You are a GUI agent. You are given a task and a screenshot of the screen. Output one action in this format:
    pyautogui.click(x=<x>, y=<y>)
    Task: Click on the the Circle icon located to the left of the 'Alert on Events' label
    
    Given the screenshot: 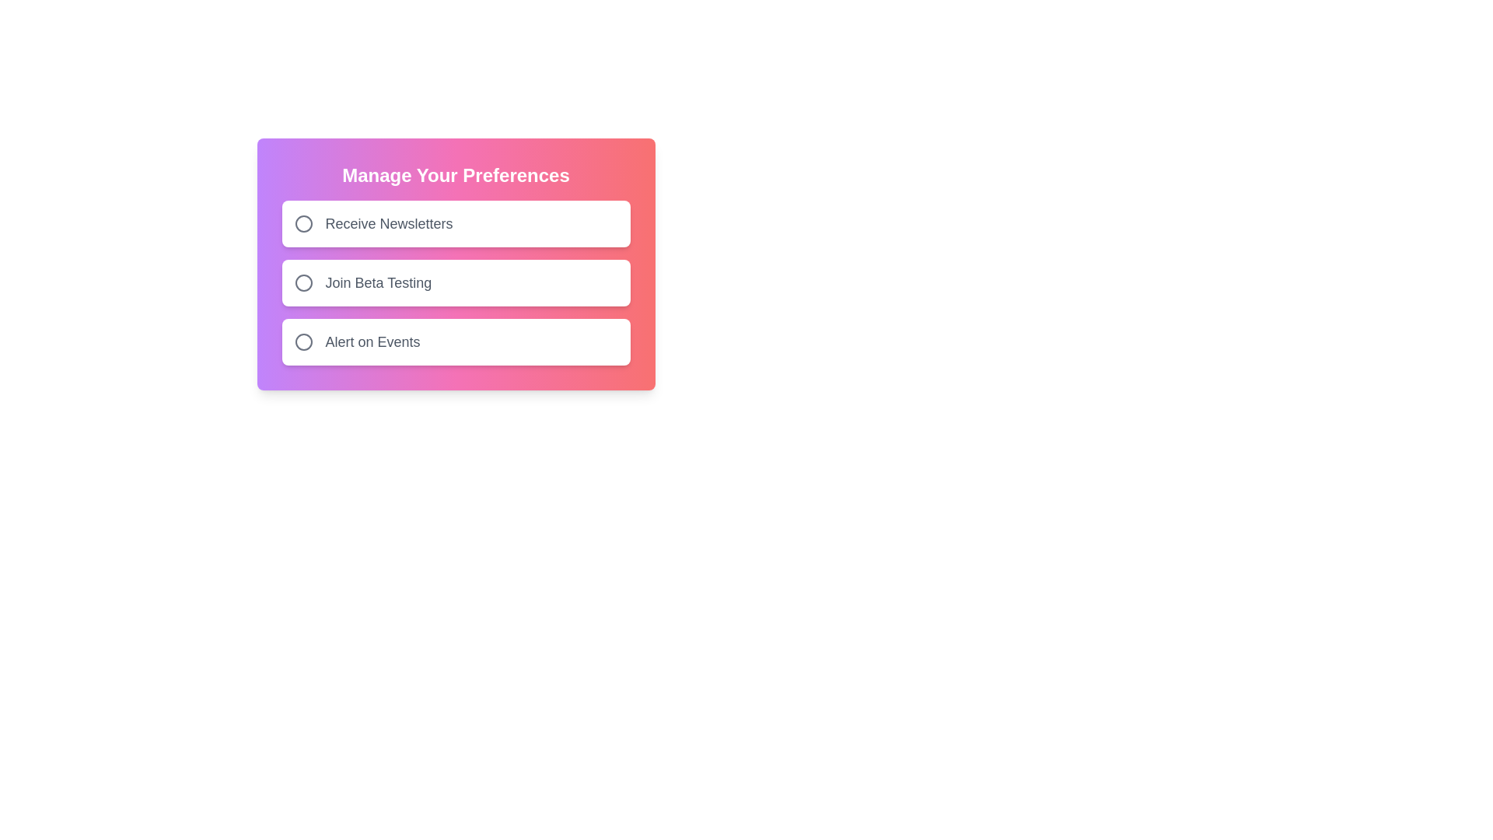 What is the action you would take?
    pyautogui.click(x=303, y=341)
    